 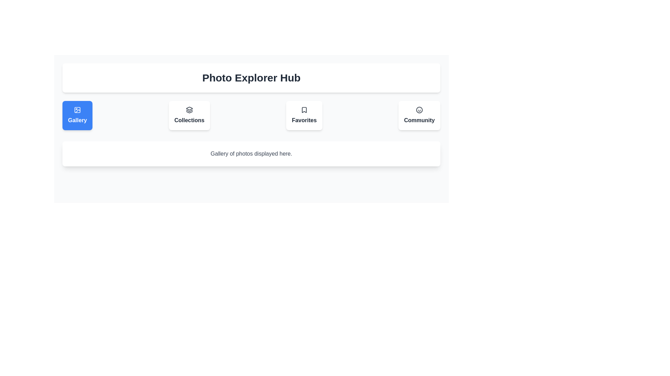 I want to click on the design of the 'Favorites' icon, which is the second selectable option beneath the 'Photo Explorer Hub' title, positioned between the 'Collections' and 'Community' buttons, so click(x=304, y=110).